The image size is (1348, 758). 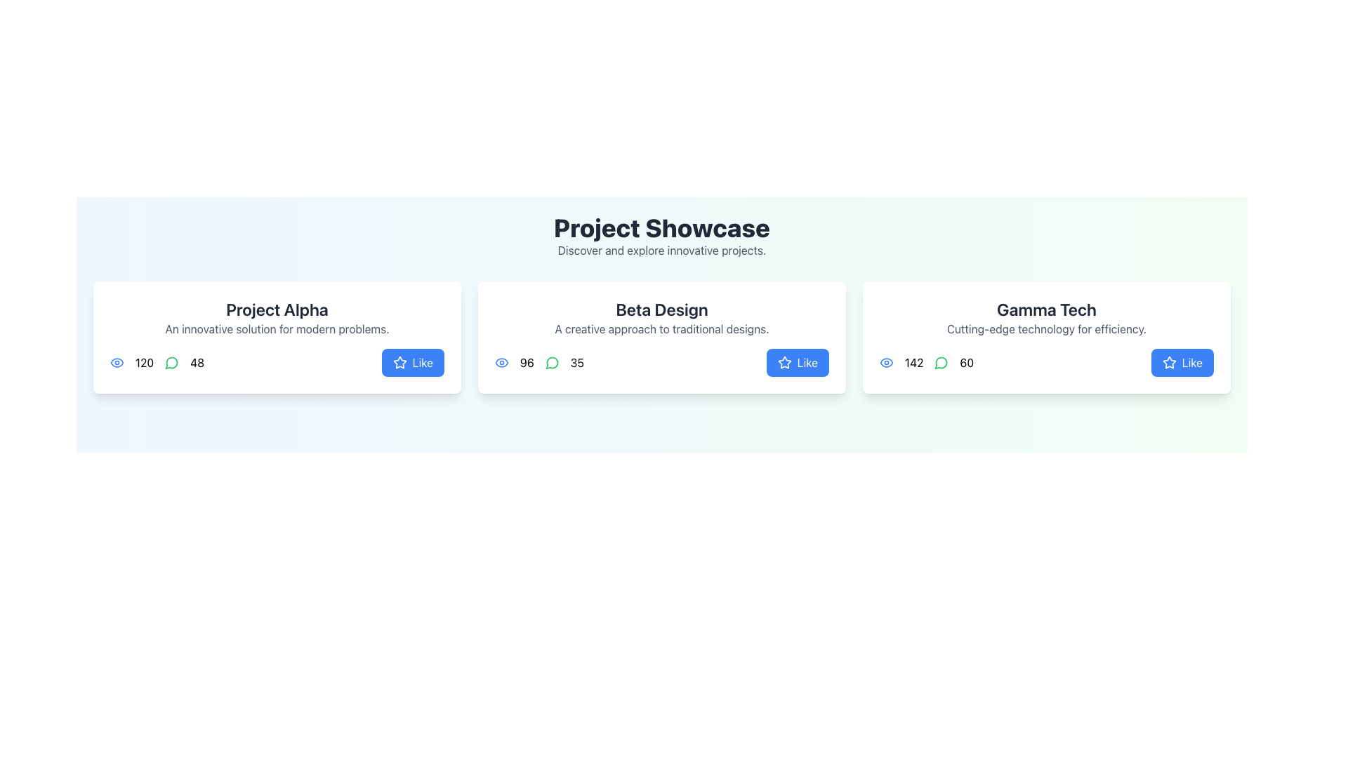 I want to click on the comments icon located within the 'Gamma Tech' card, positioned between the eye icon and the numeric text '60', so click(x=941, y=361).